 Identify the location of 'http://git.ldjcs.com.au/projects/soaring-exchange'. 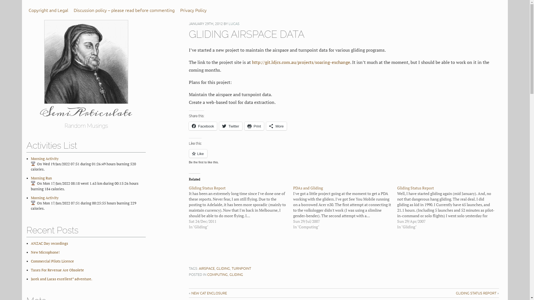
(301, 62).